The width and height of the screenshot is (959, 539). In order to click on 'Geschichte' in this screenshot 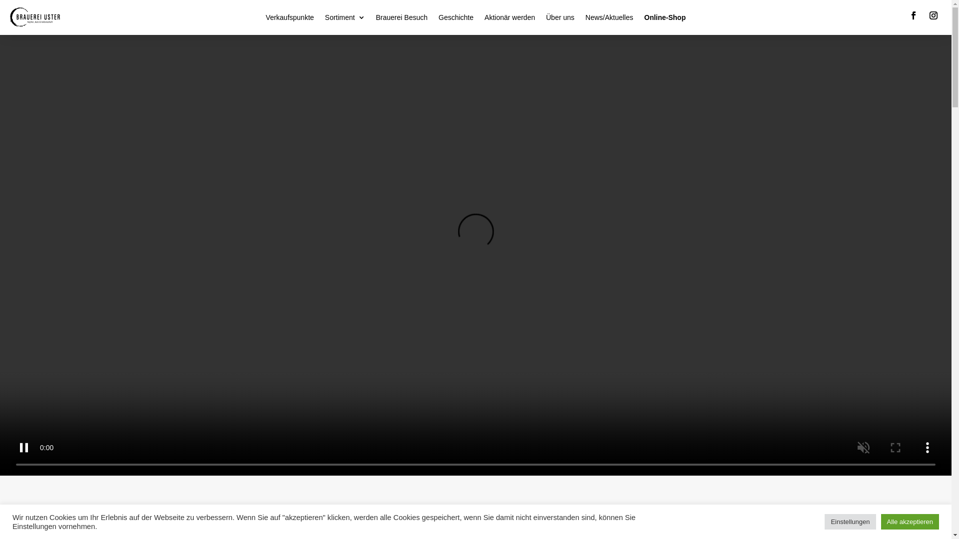, I will do `click(439, 19)`.